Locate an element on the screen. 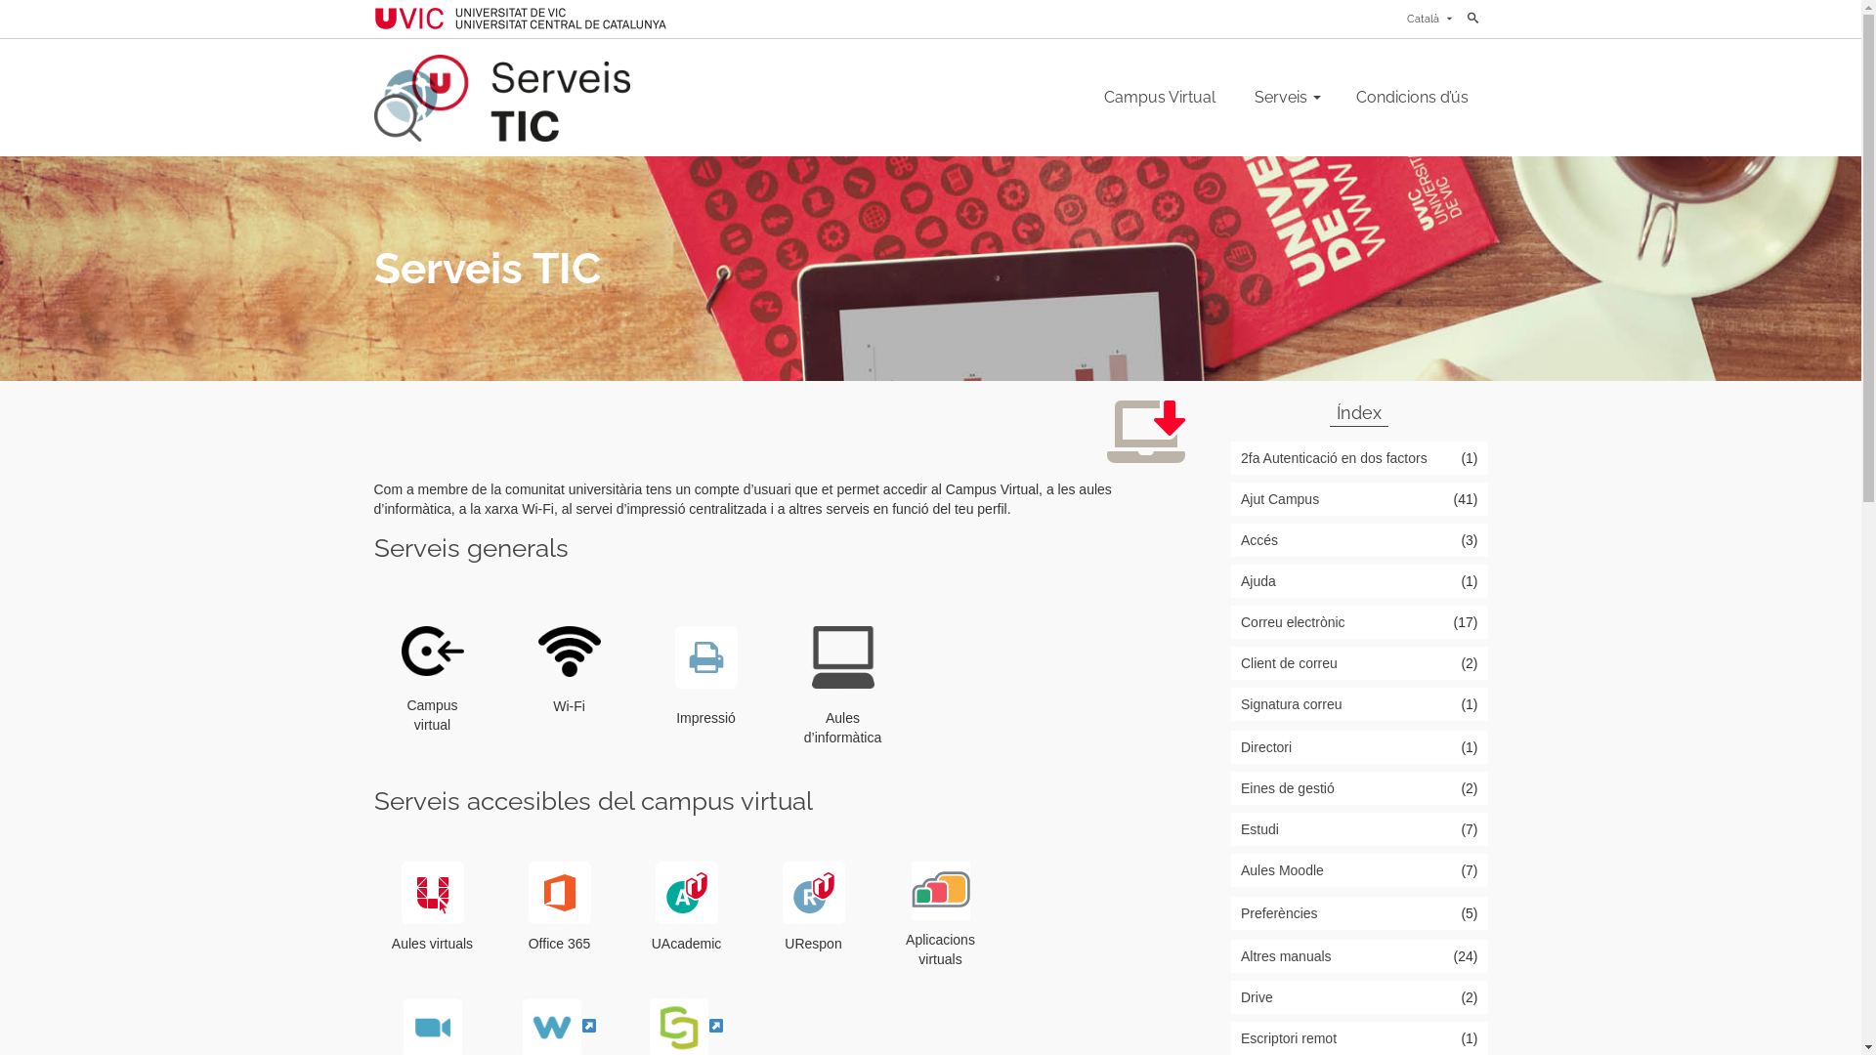  'Client de correu' is located at coordinates (1358, 661).